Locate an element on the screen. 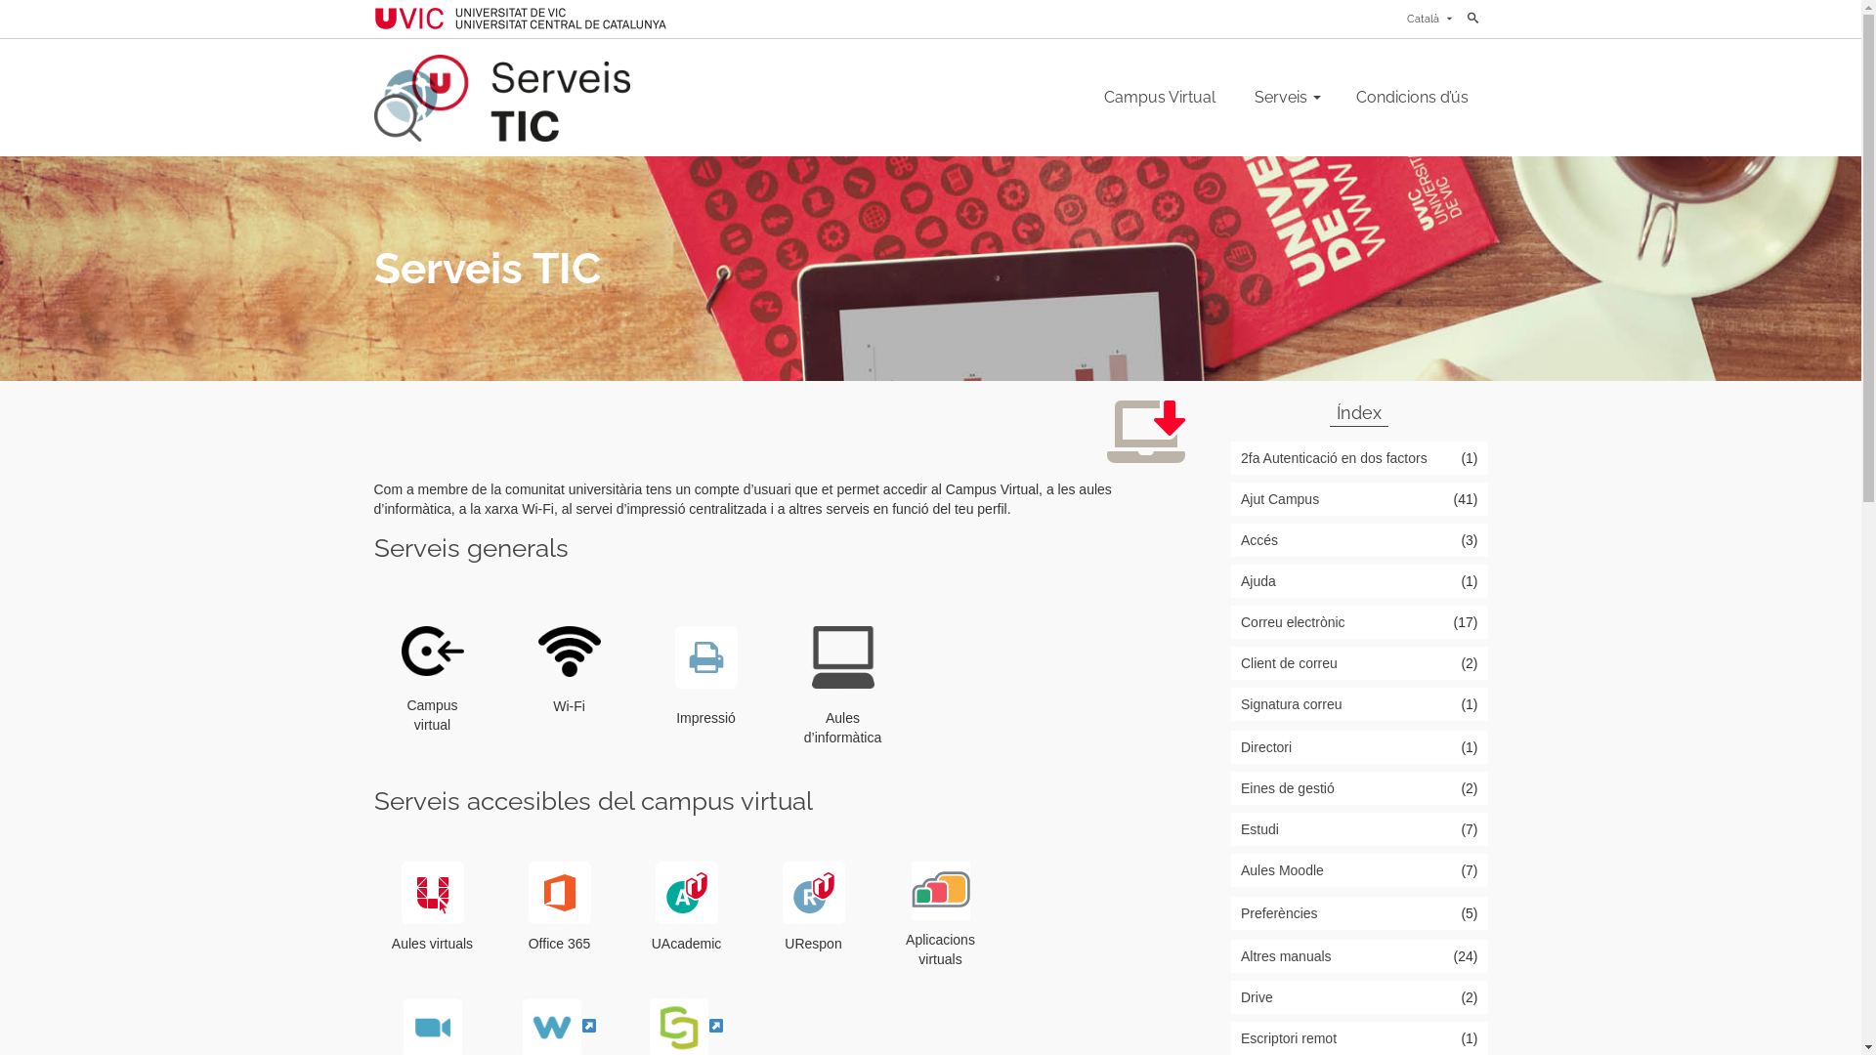  'Client de correu' is located at coordinates (1358, 661).